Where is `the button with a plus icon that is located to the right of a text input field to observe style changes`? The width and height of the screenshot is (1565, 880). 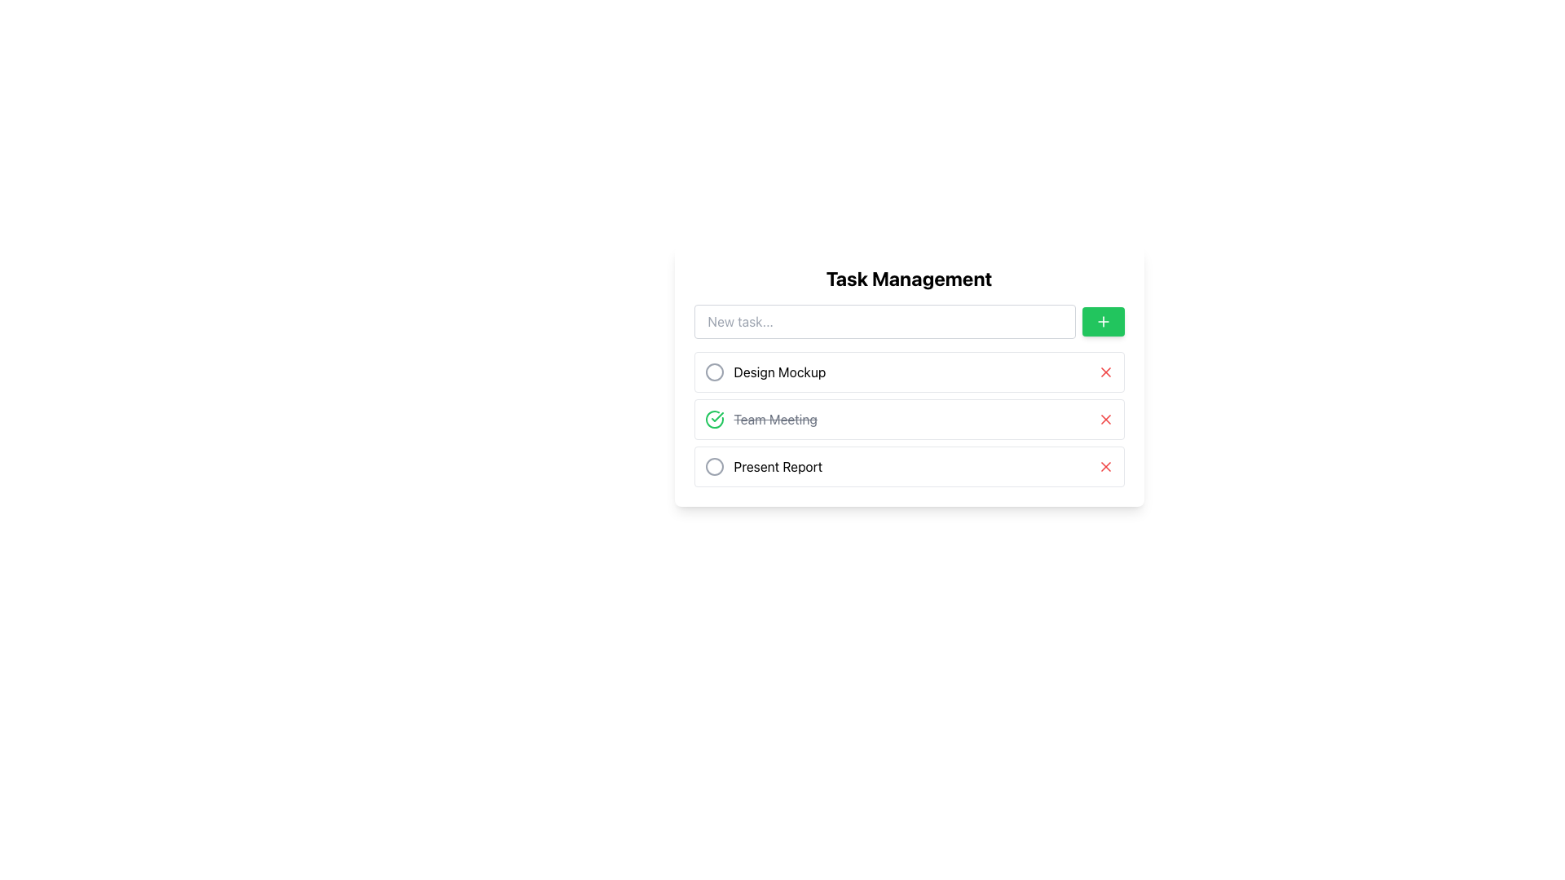
the button with a plus icon that is located to the right of a text input field to observe style changes is located at coordinates (1103, 321).